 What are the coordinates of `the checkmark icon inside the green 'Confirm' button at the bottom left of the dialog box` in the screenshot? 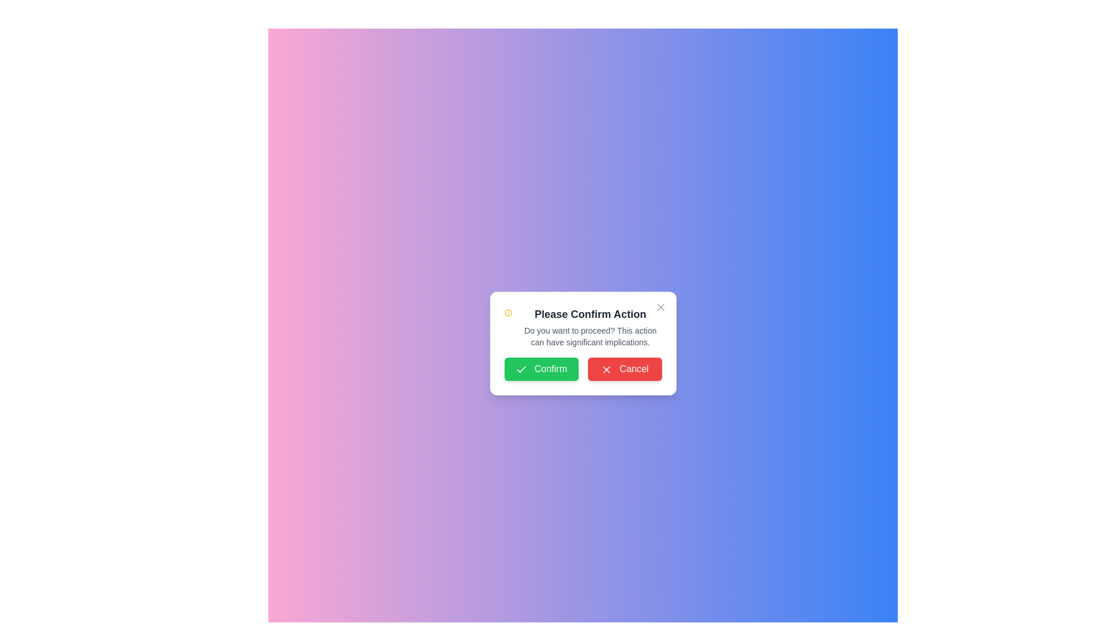 It's located at (520, 369).